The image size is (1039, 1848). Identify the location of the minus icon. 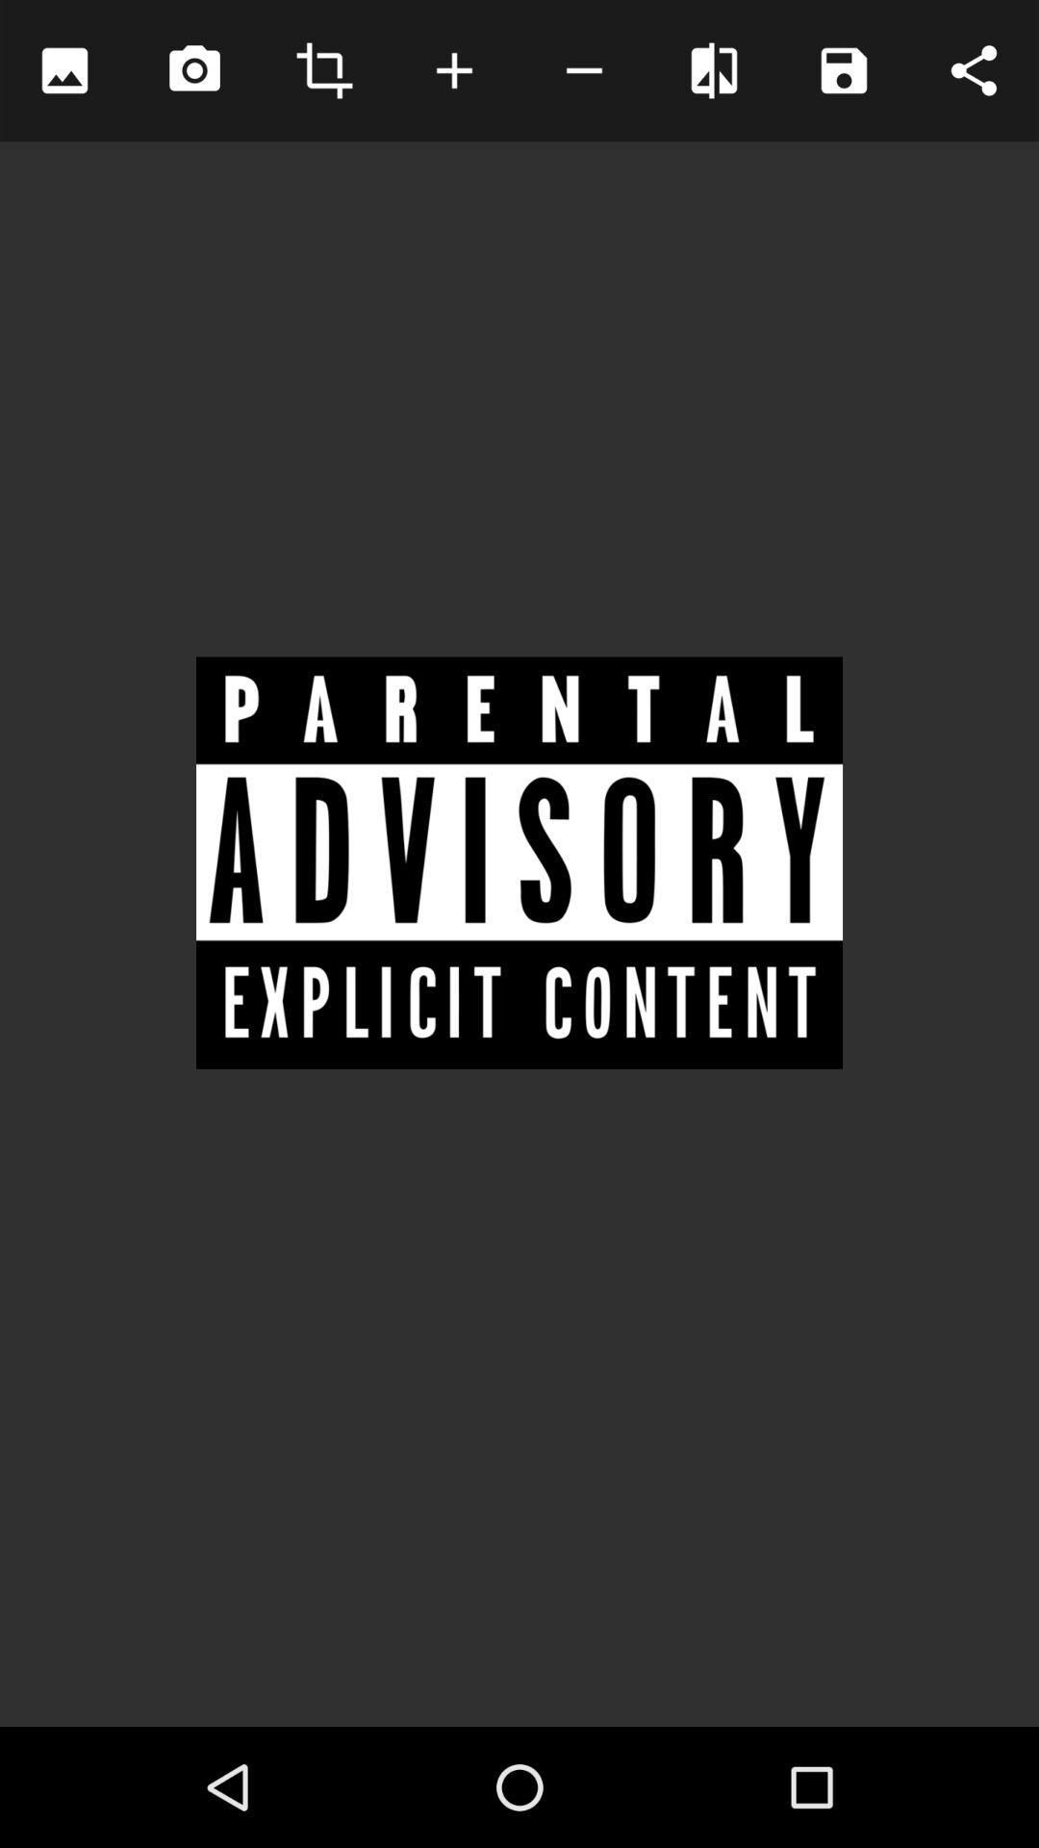
(583, 70).